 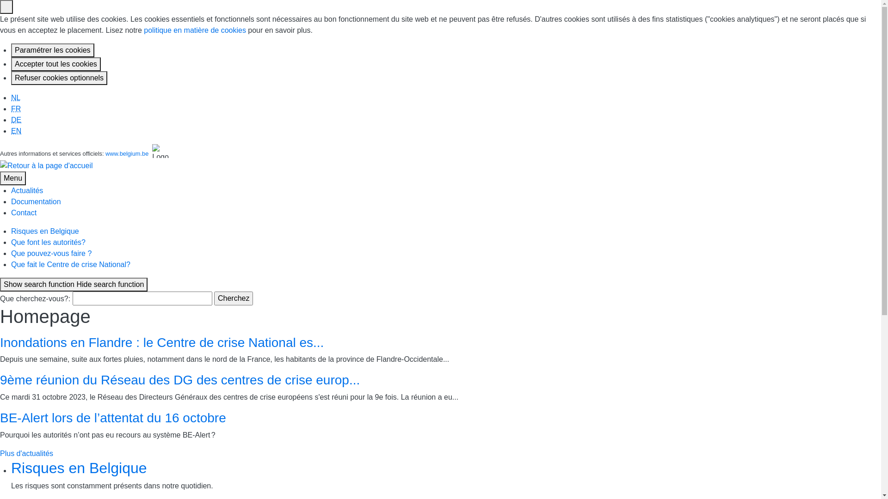 I want to click on 'Que pouvez-vous faire ?', so click(x=50, y=253).